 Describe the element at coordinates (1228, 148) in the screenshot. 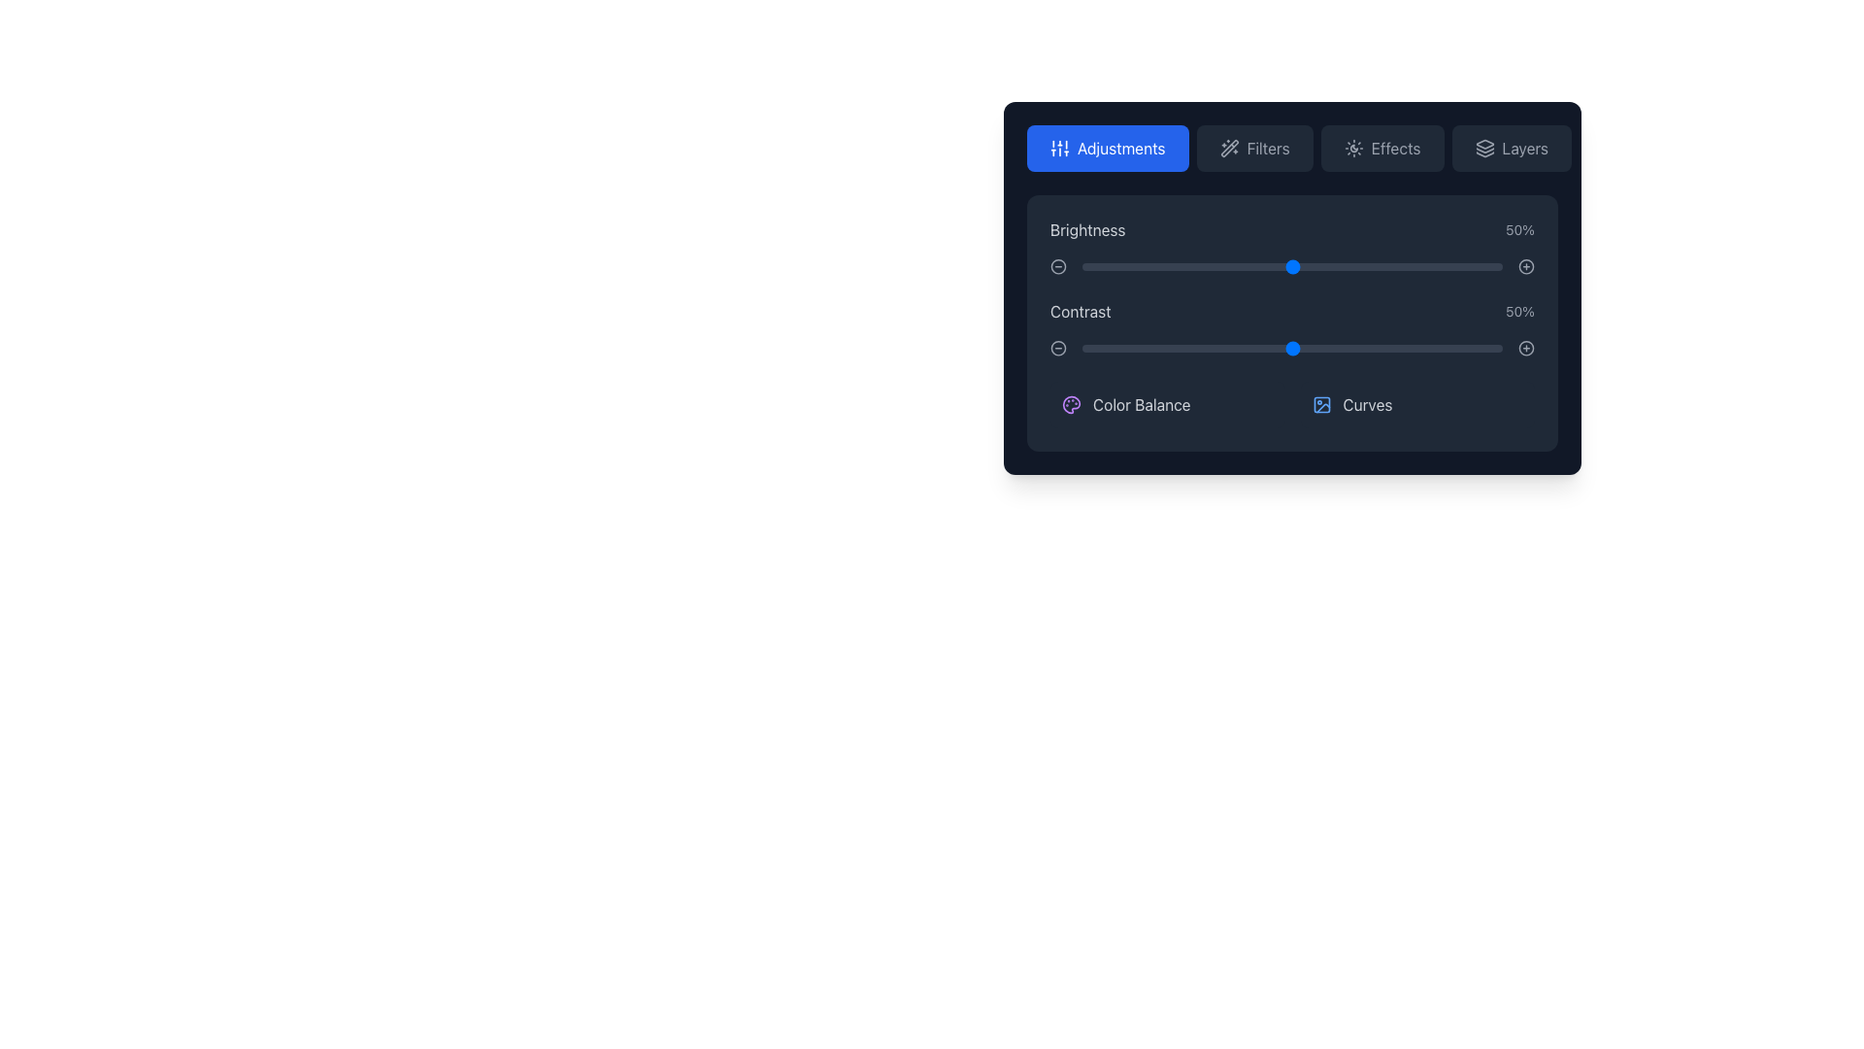

I see `the leftmost icon in the 'Filters' button group` at that location.